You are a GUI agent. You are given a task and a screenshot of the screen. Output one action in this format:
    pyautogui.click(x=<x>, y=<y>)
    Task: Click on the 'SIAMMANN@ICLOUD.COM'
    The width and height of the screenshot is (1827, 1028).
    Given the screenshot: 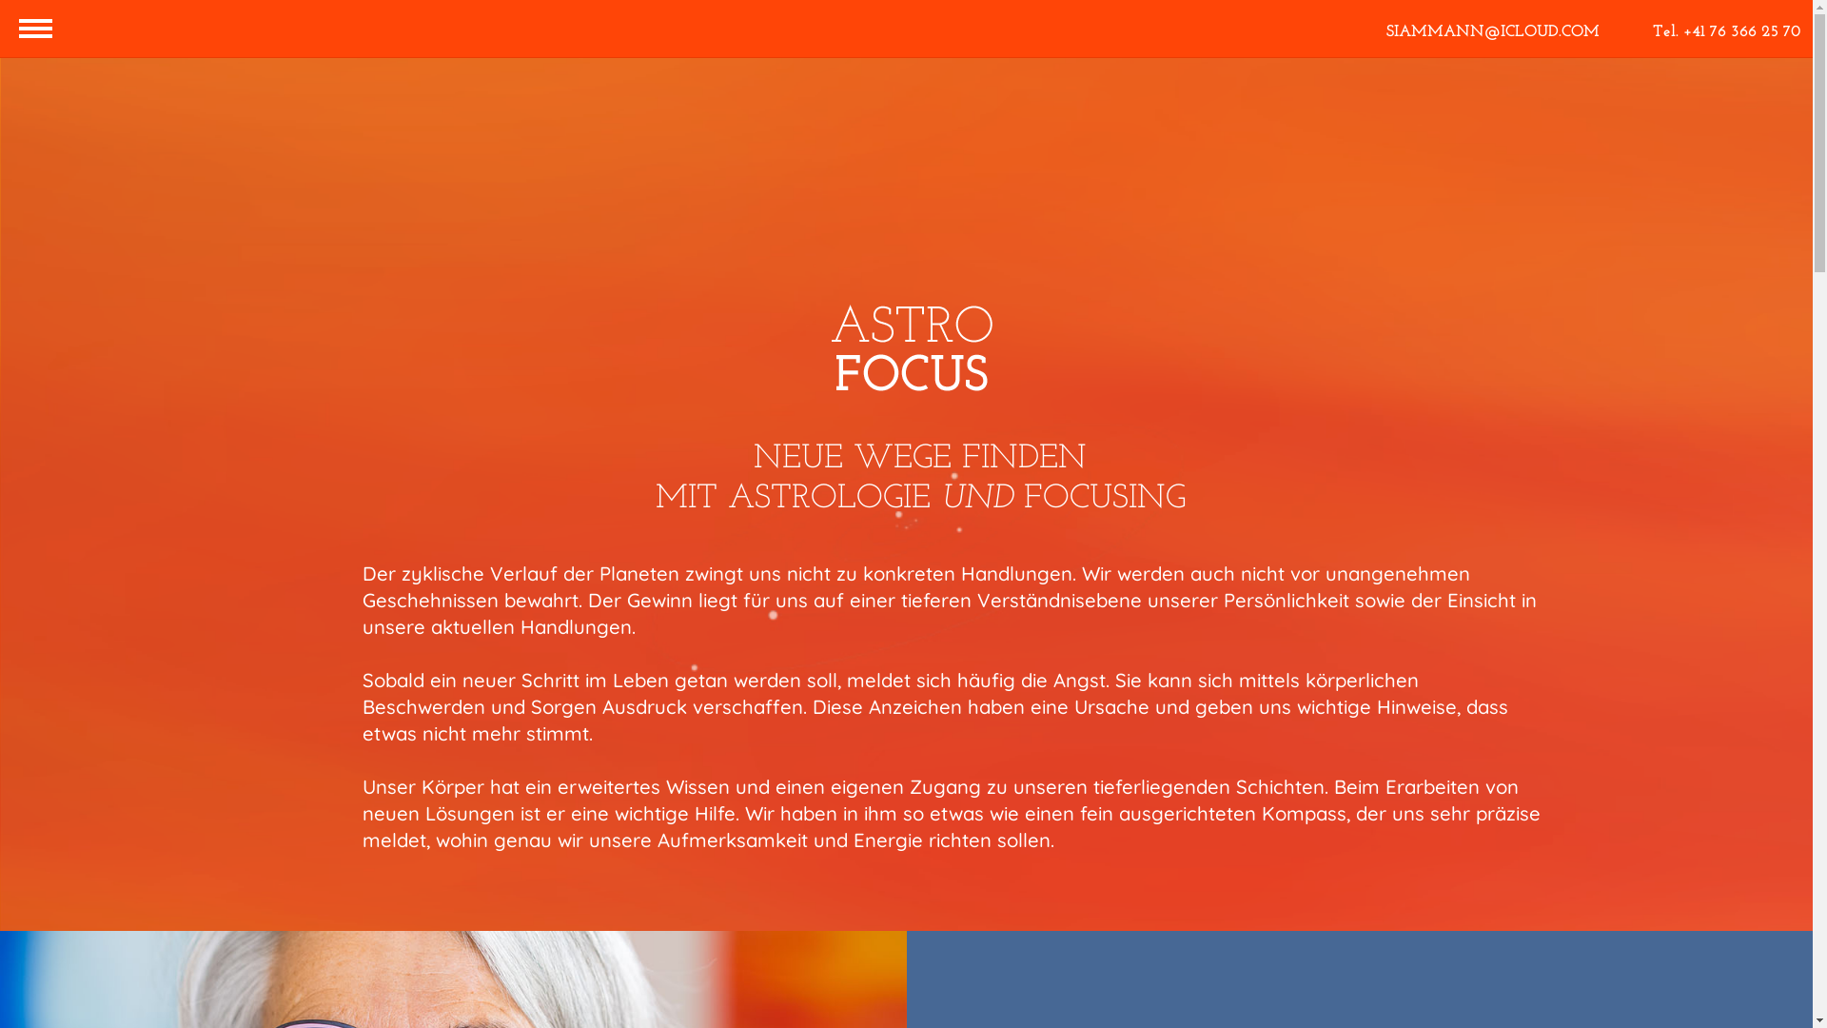 What is the action you would take?
    pyautogui.click(x=1492, y=32)
    